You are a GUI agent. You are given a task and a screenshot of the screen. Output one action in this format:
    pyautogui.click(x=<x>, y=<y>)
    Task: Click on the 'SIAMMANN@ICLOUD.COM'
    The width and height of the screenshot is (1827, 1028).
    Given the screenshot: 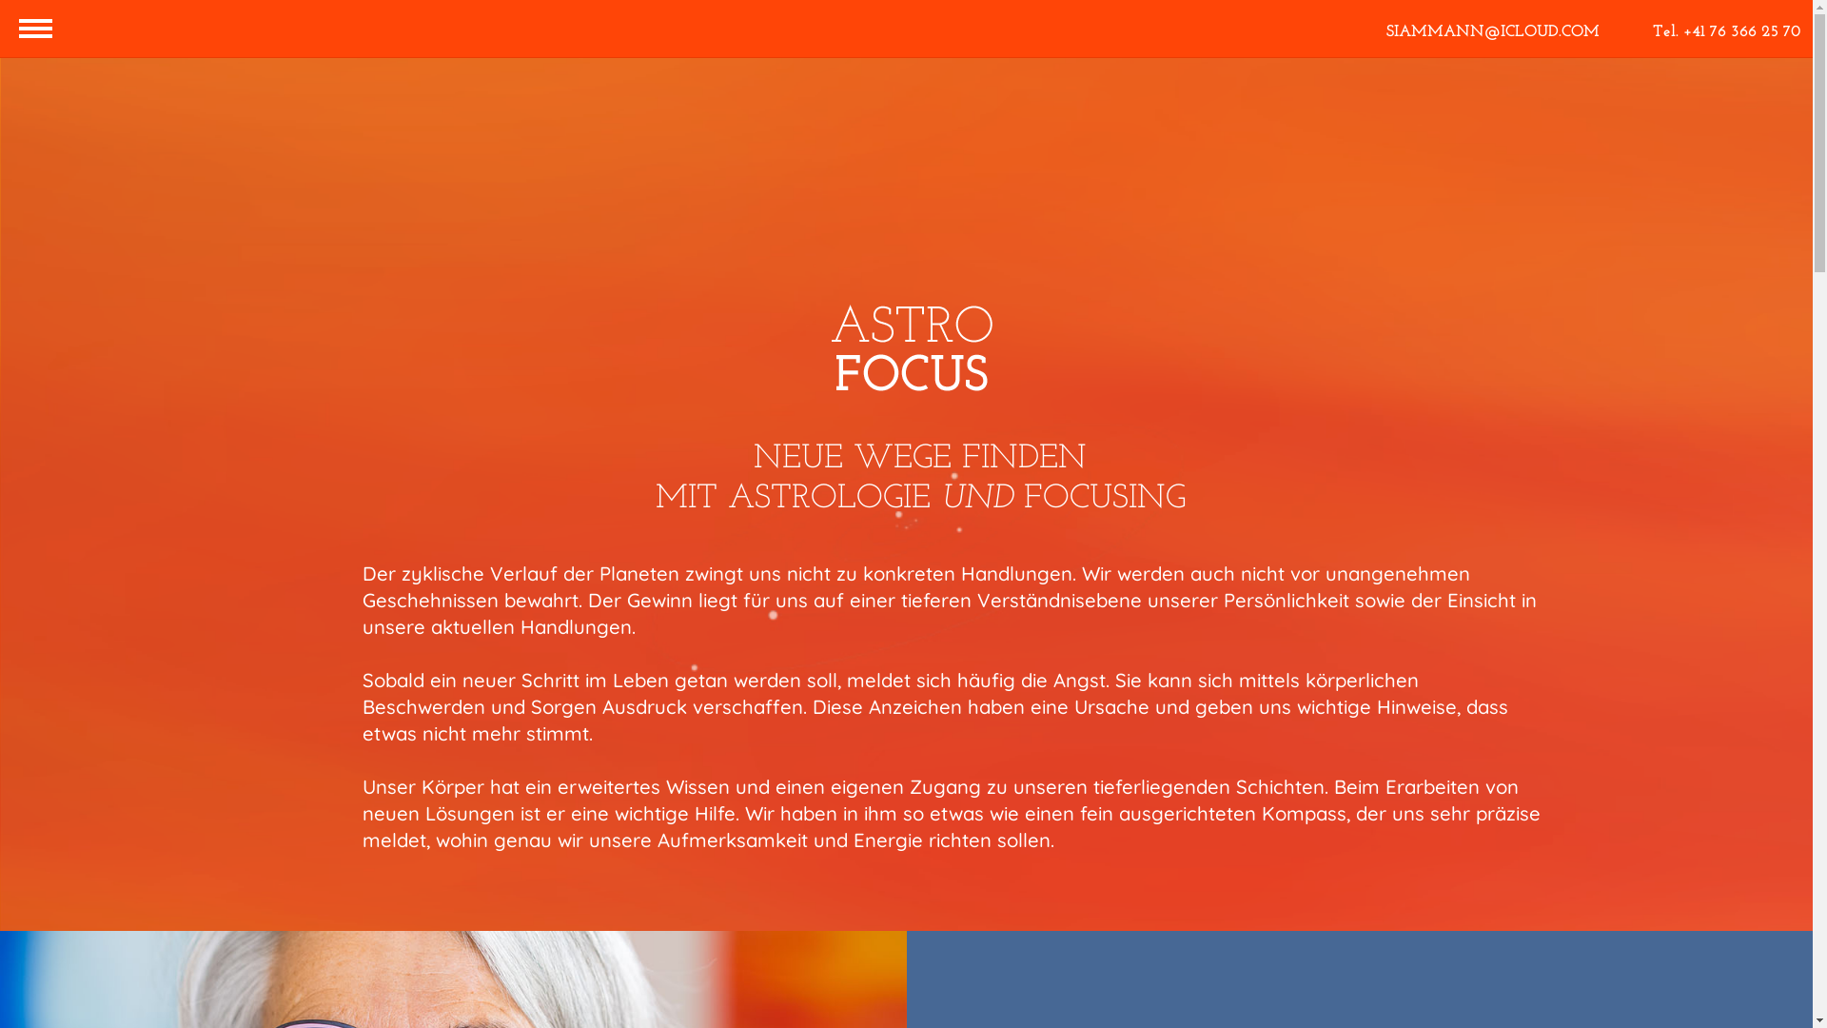 What is the action you would take?
    pyautogui.click(x=1492, y=32)
    